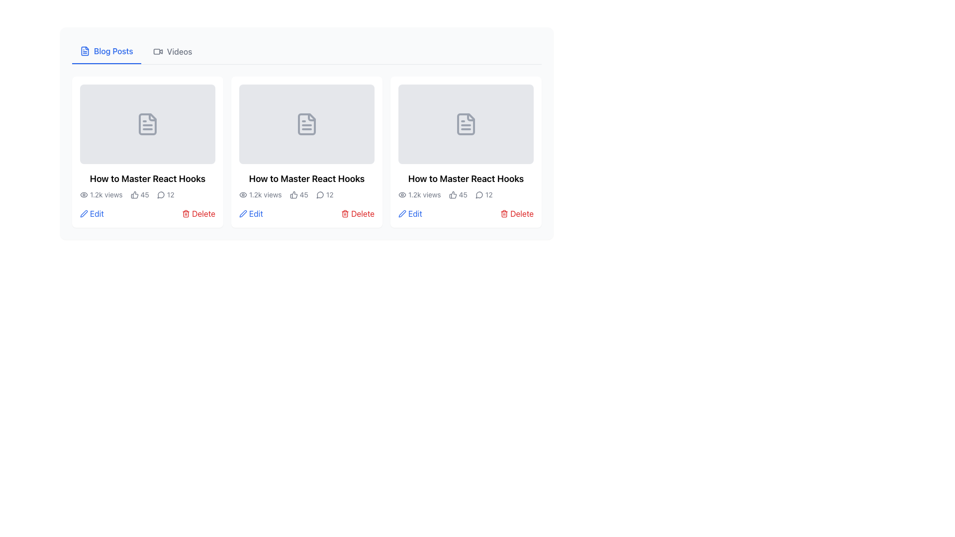  What do you see at coordinates (465, 124) in the screenshot?
I see `the document icon represented by a gray graphic within the third graphical placeholder under the 'Blog Posts' tab` at bounding box center [465, 124].